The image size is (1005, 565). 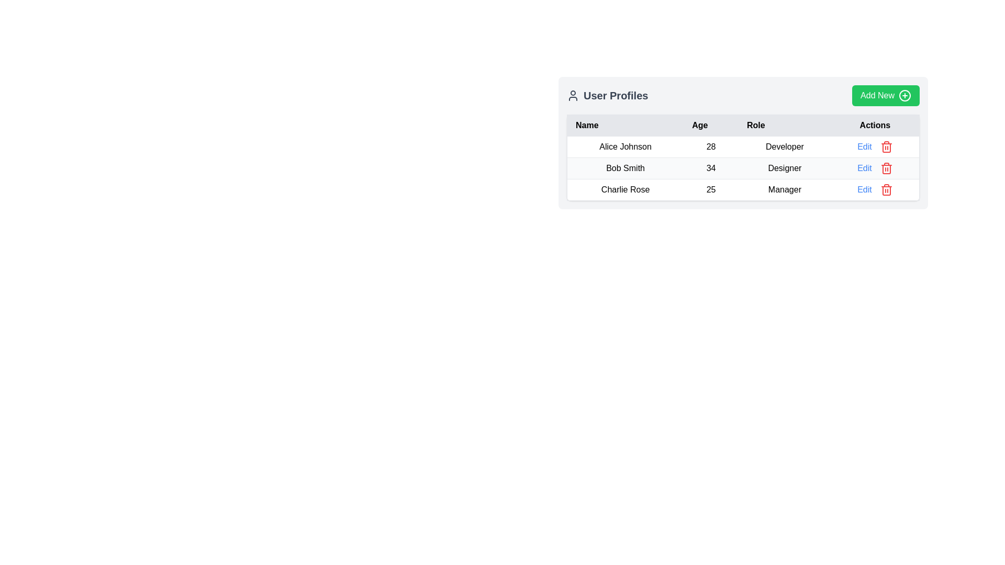 I want to click on the static text label indicating the role of the user 'Charlie Rose', located in the 'Role' column of the table, so click(x=785, y=189).